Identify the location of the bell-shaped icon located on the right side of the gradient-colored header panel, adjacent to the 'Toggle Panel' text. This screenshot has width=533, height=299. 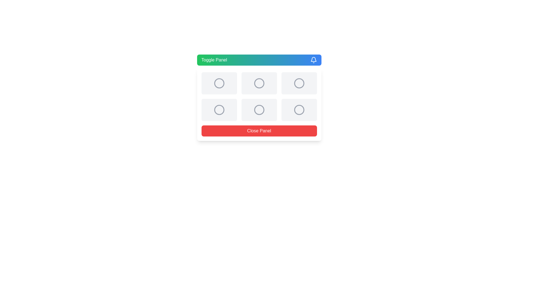
(313, 60).